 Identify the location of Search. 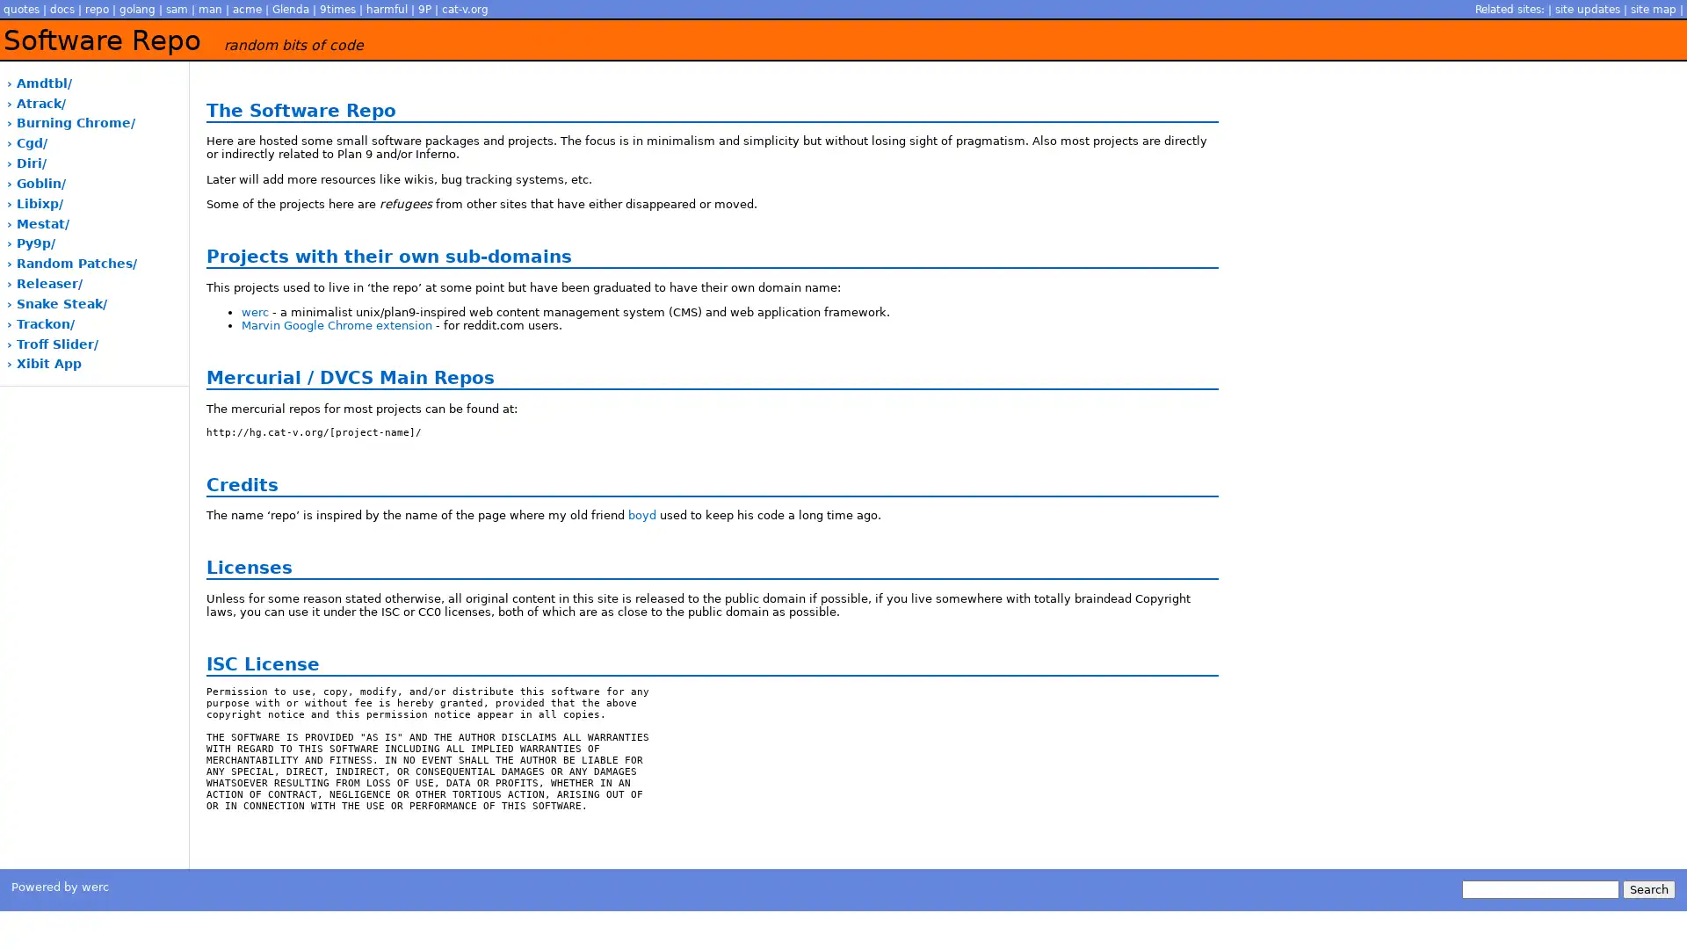
(1647, 889).